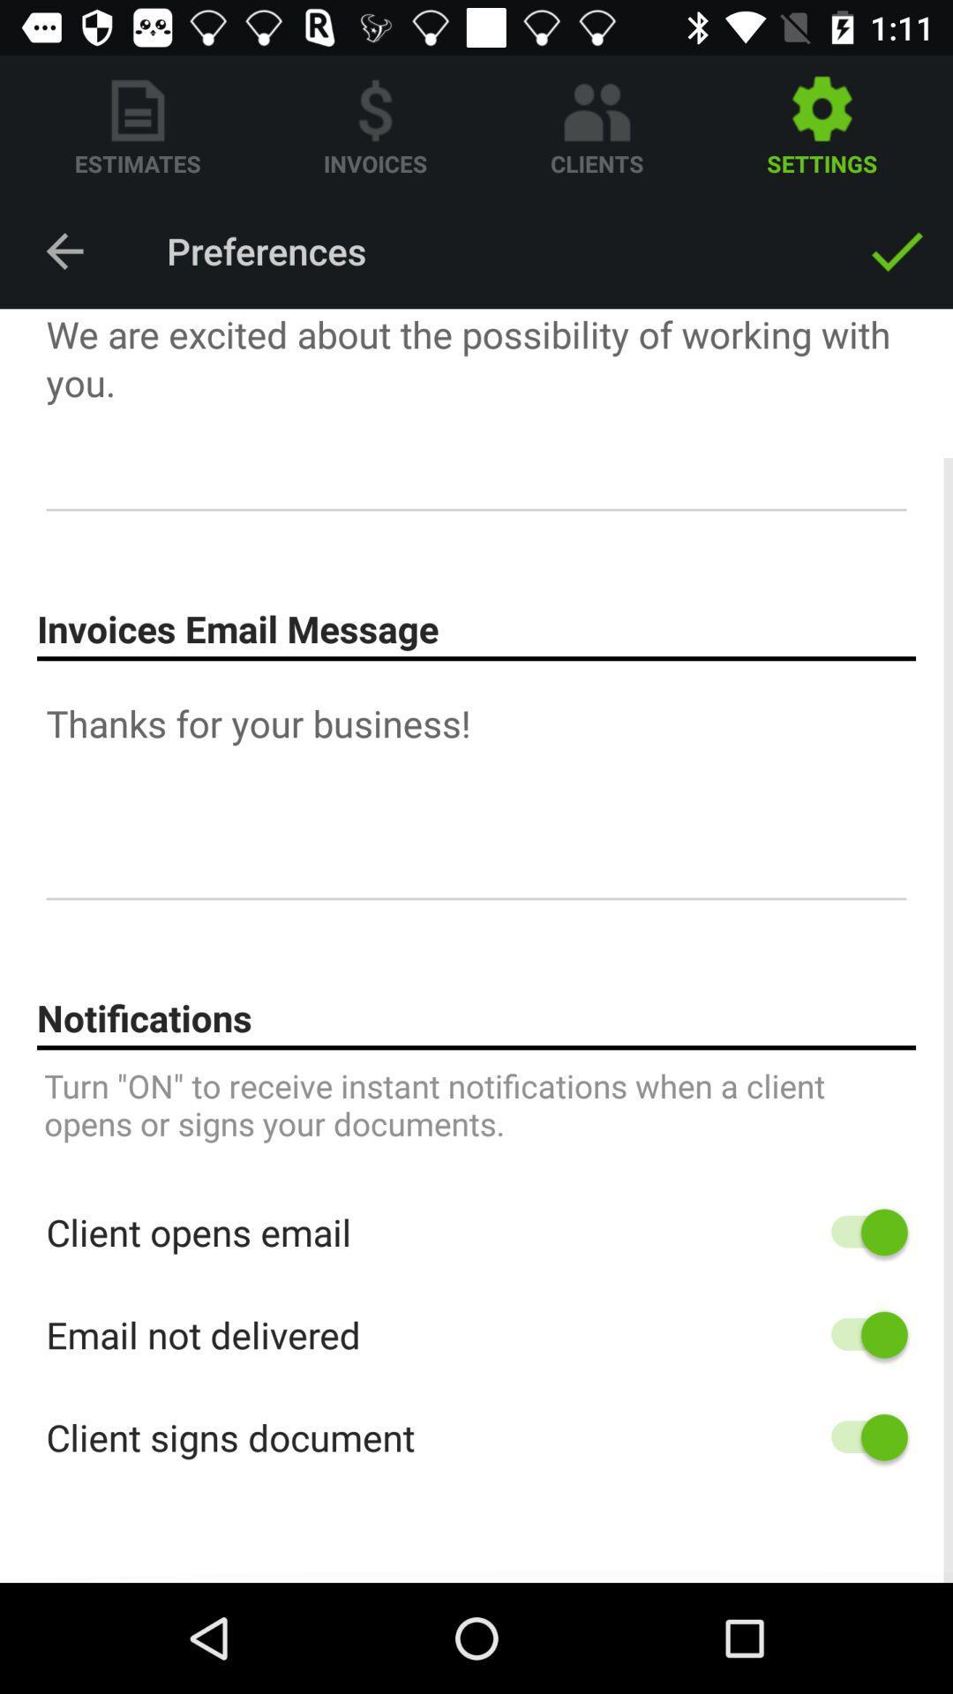  What do you see at coordinates (859, 1231) in the screenshot?
I see `notification for client opens email` at bounding box center [859, 1231].